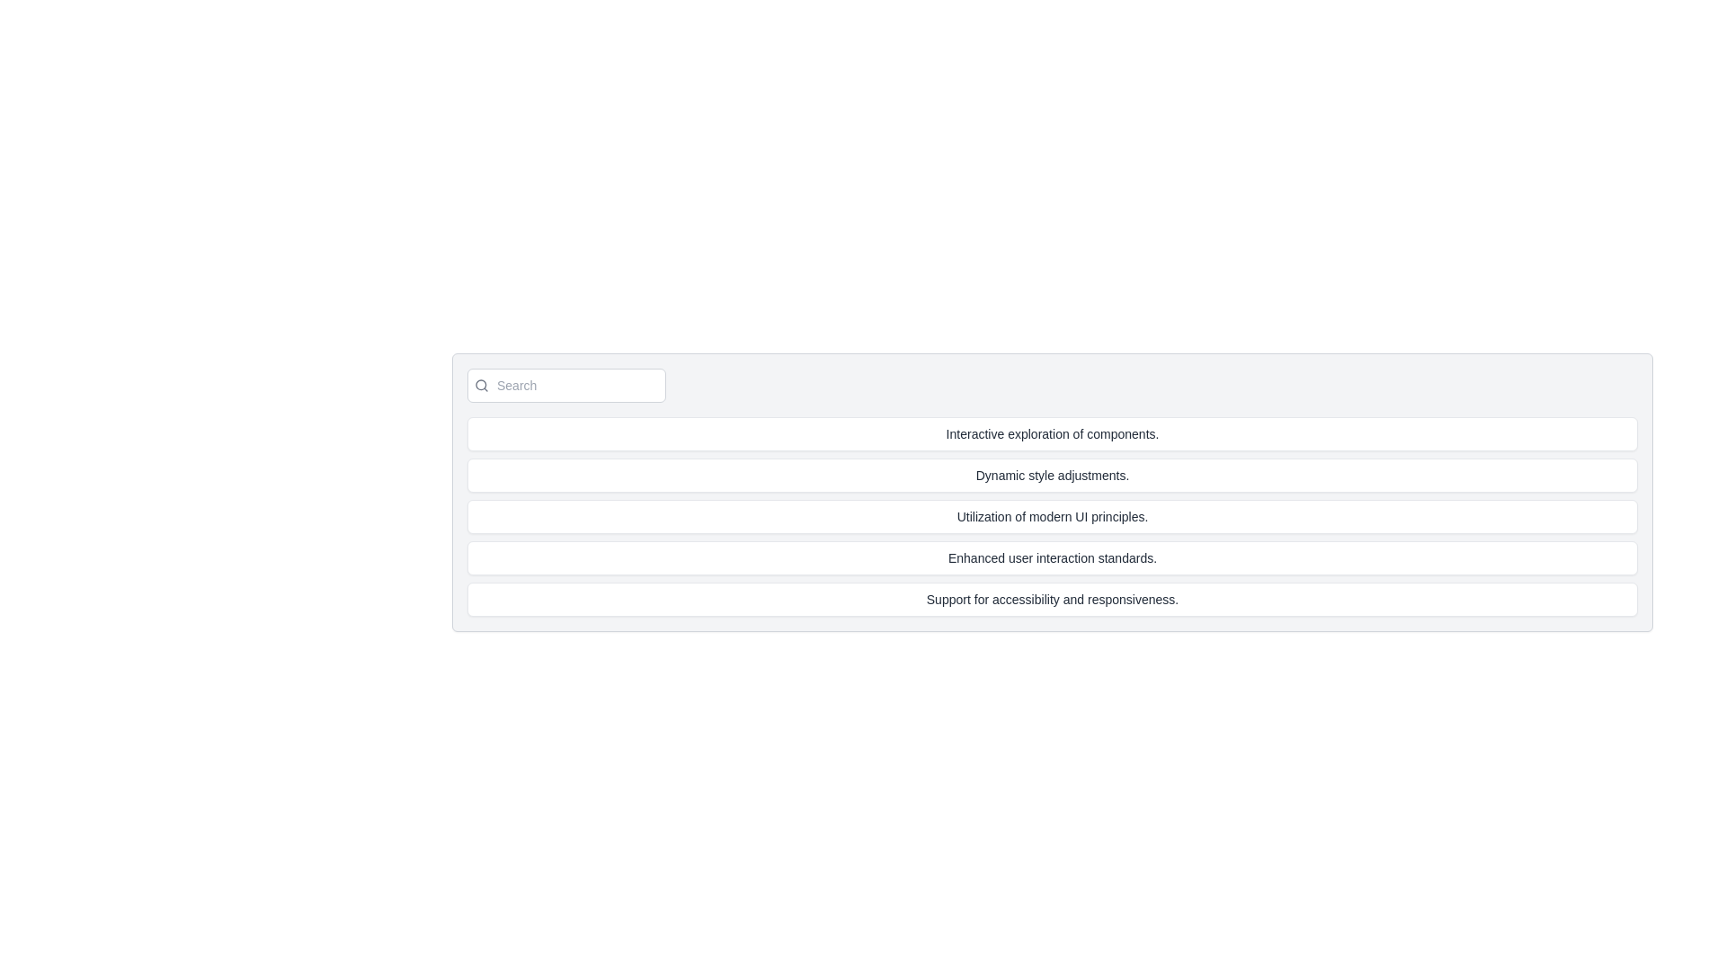  Describe the element at coordinates (1143, 557) in the screenshot. I see `the 4th instance of the character 'd' in the text line 'Enhanced user interaction standards.'` at that location.